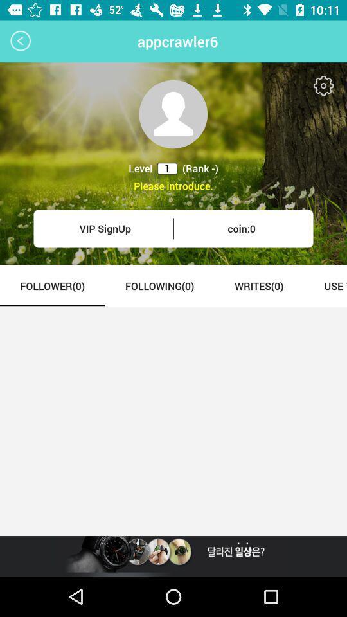  What do you see at coordinates (173, 113) in the screenshot?
I see `account holder` at bounding box center [173, 113].